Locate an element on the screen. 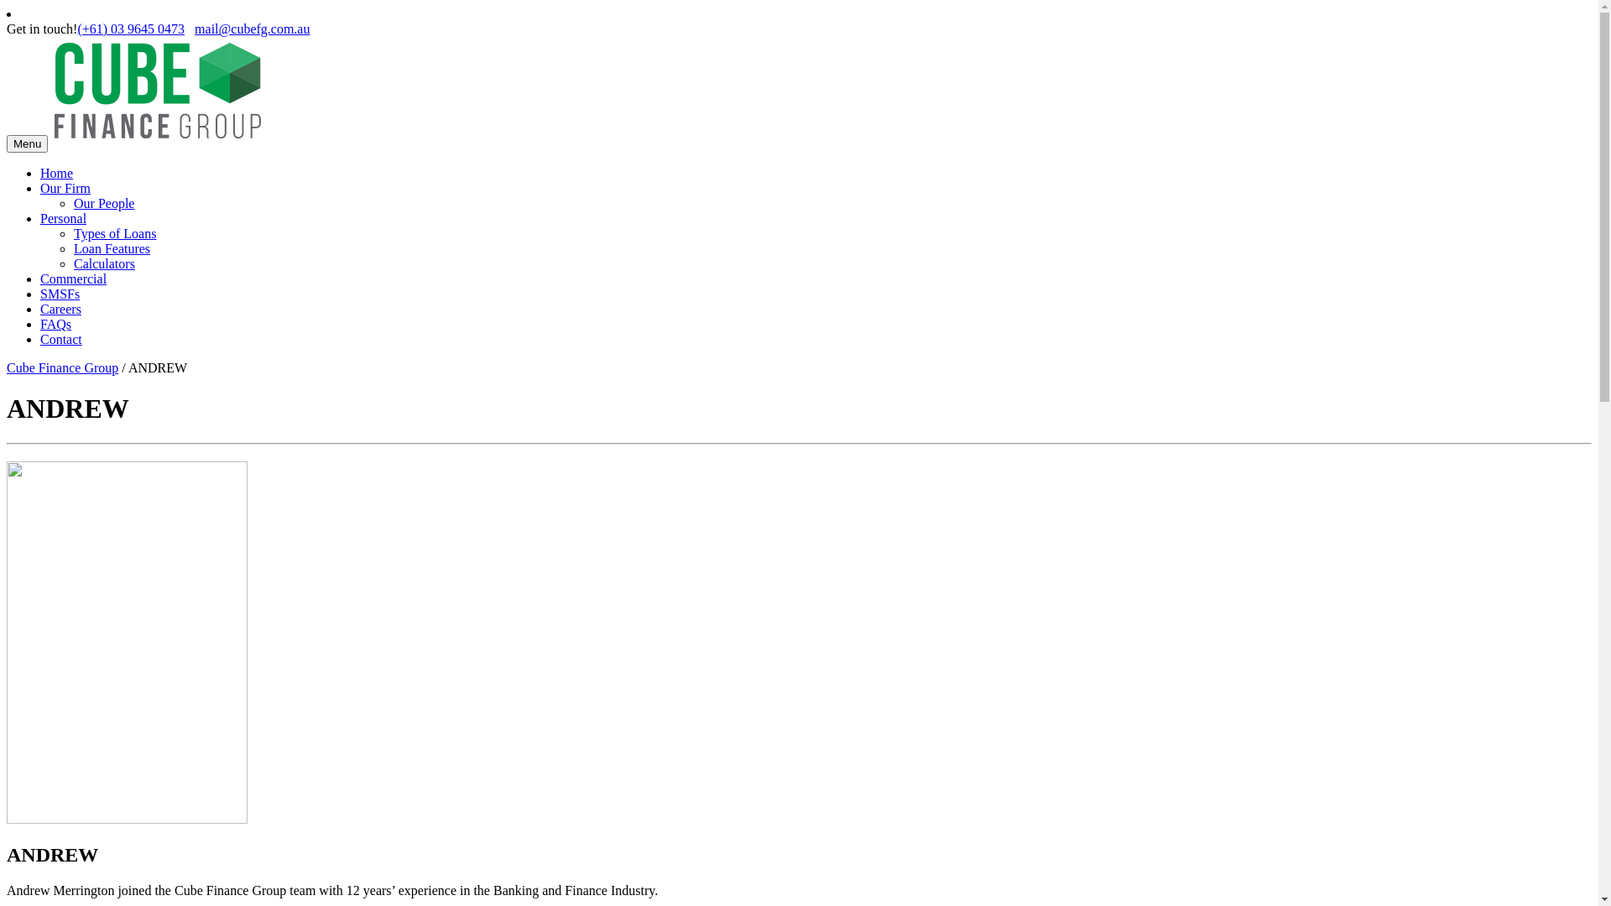 The image size is (1611, 906). 'Personal' is located at coordinates (63, 217).